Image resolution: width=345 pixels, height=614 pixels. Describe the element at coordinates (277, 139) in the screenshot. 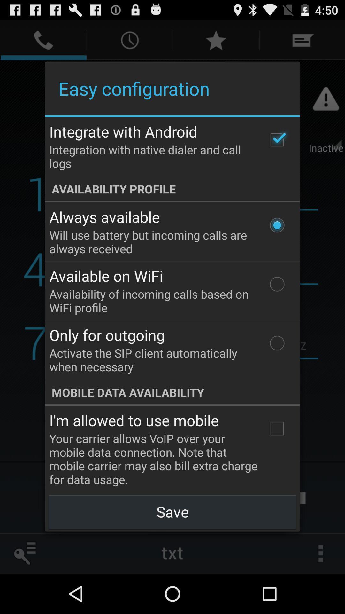

I see `item next to the integrate with android` at that location.